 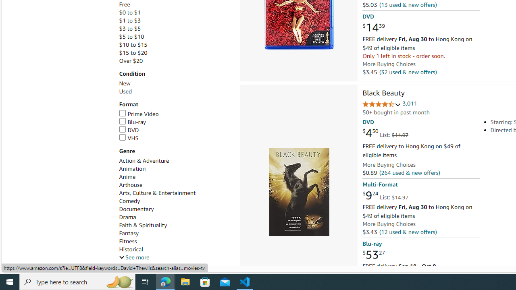 I want to click on 'Prime Video', so click(x=139, y=114).